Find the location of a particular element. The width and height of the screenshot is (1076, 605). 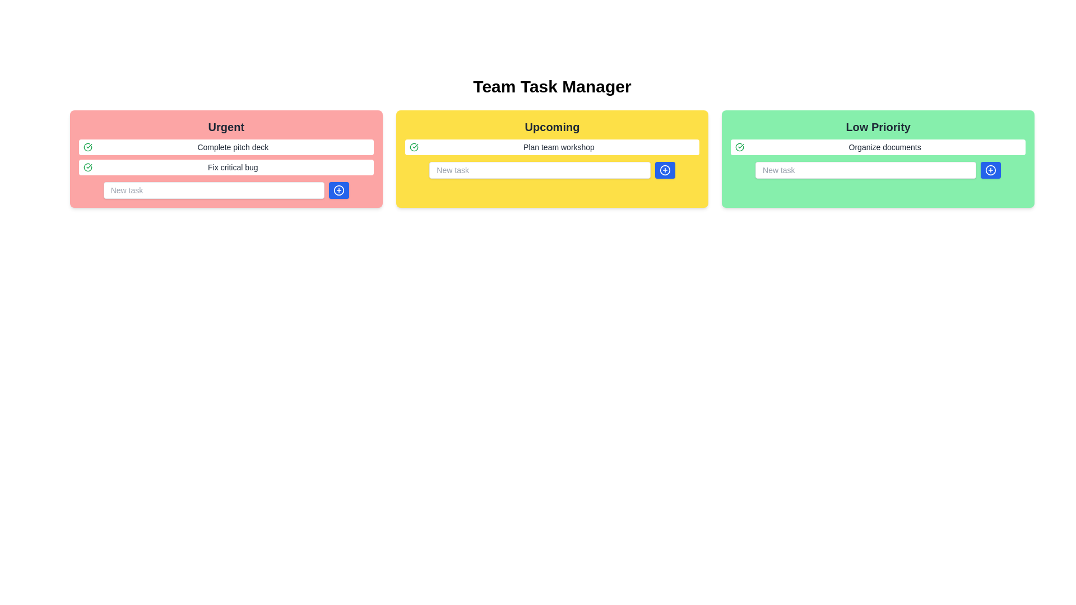

inside the input box located in the 'Low Priority' section to focus it is located at coordinates (878, 170).